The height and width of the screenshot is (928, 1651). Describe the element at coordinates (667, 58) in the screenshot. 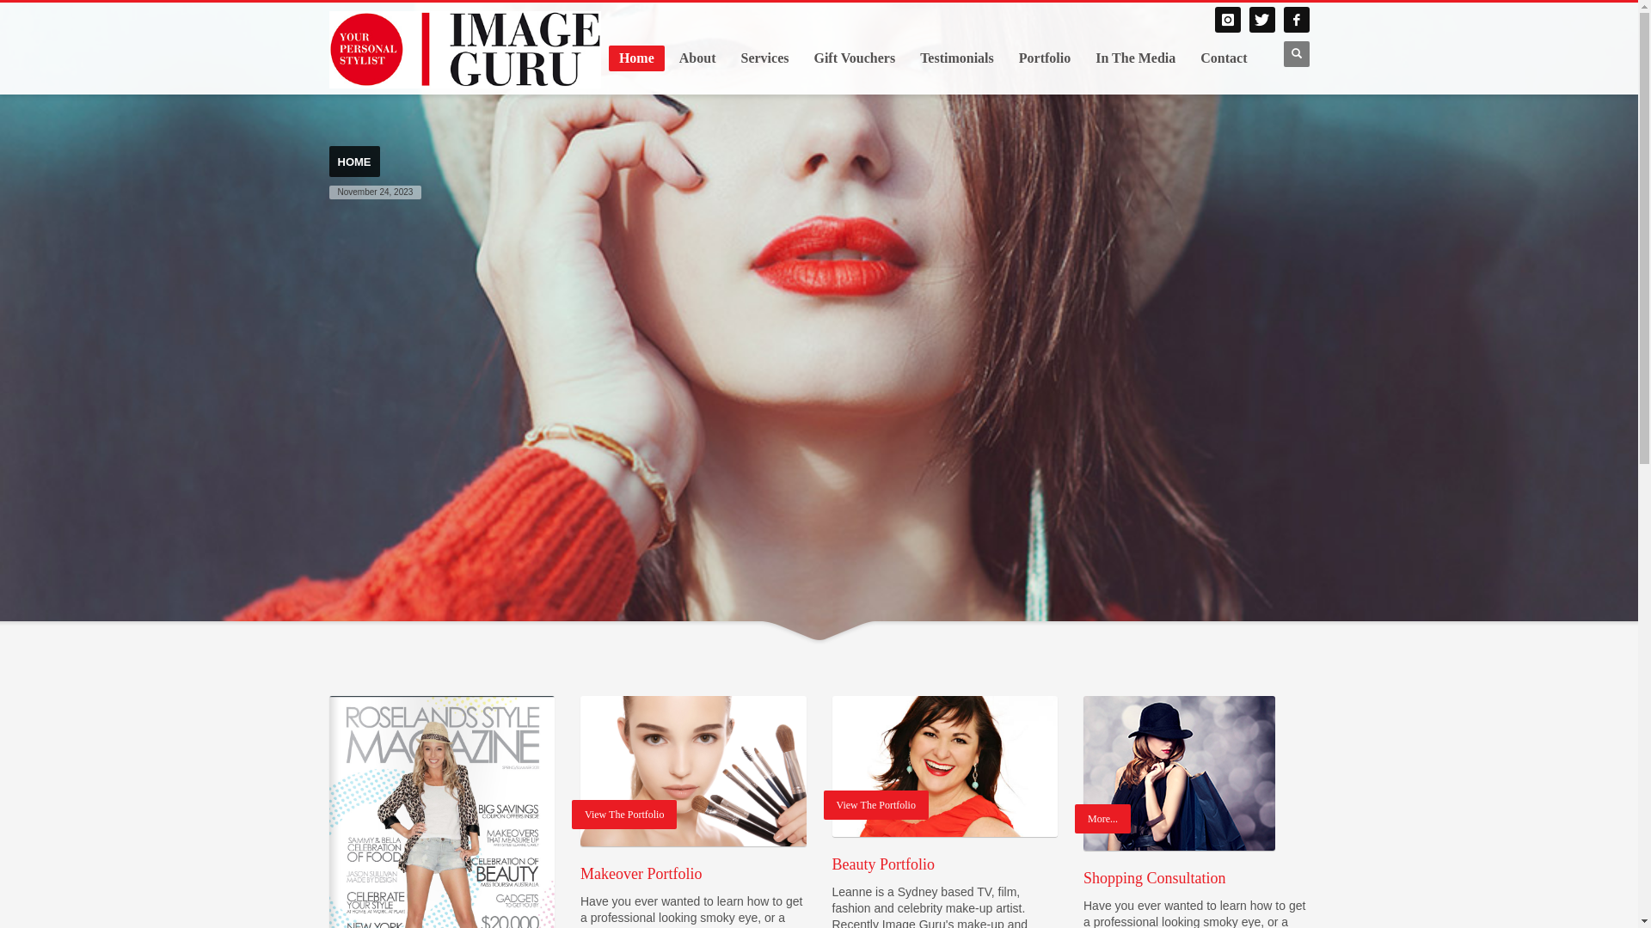

I see `'About'` at that location.